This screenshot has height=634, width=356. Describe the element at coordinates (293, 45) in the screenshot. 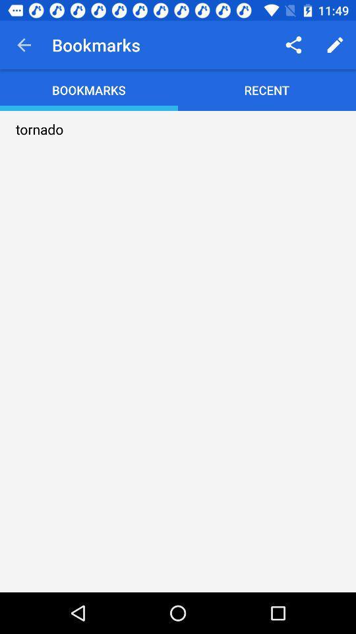

I see `the icon next to bookmarks item` at that location.